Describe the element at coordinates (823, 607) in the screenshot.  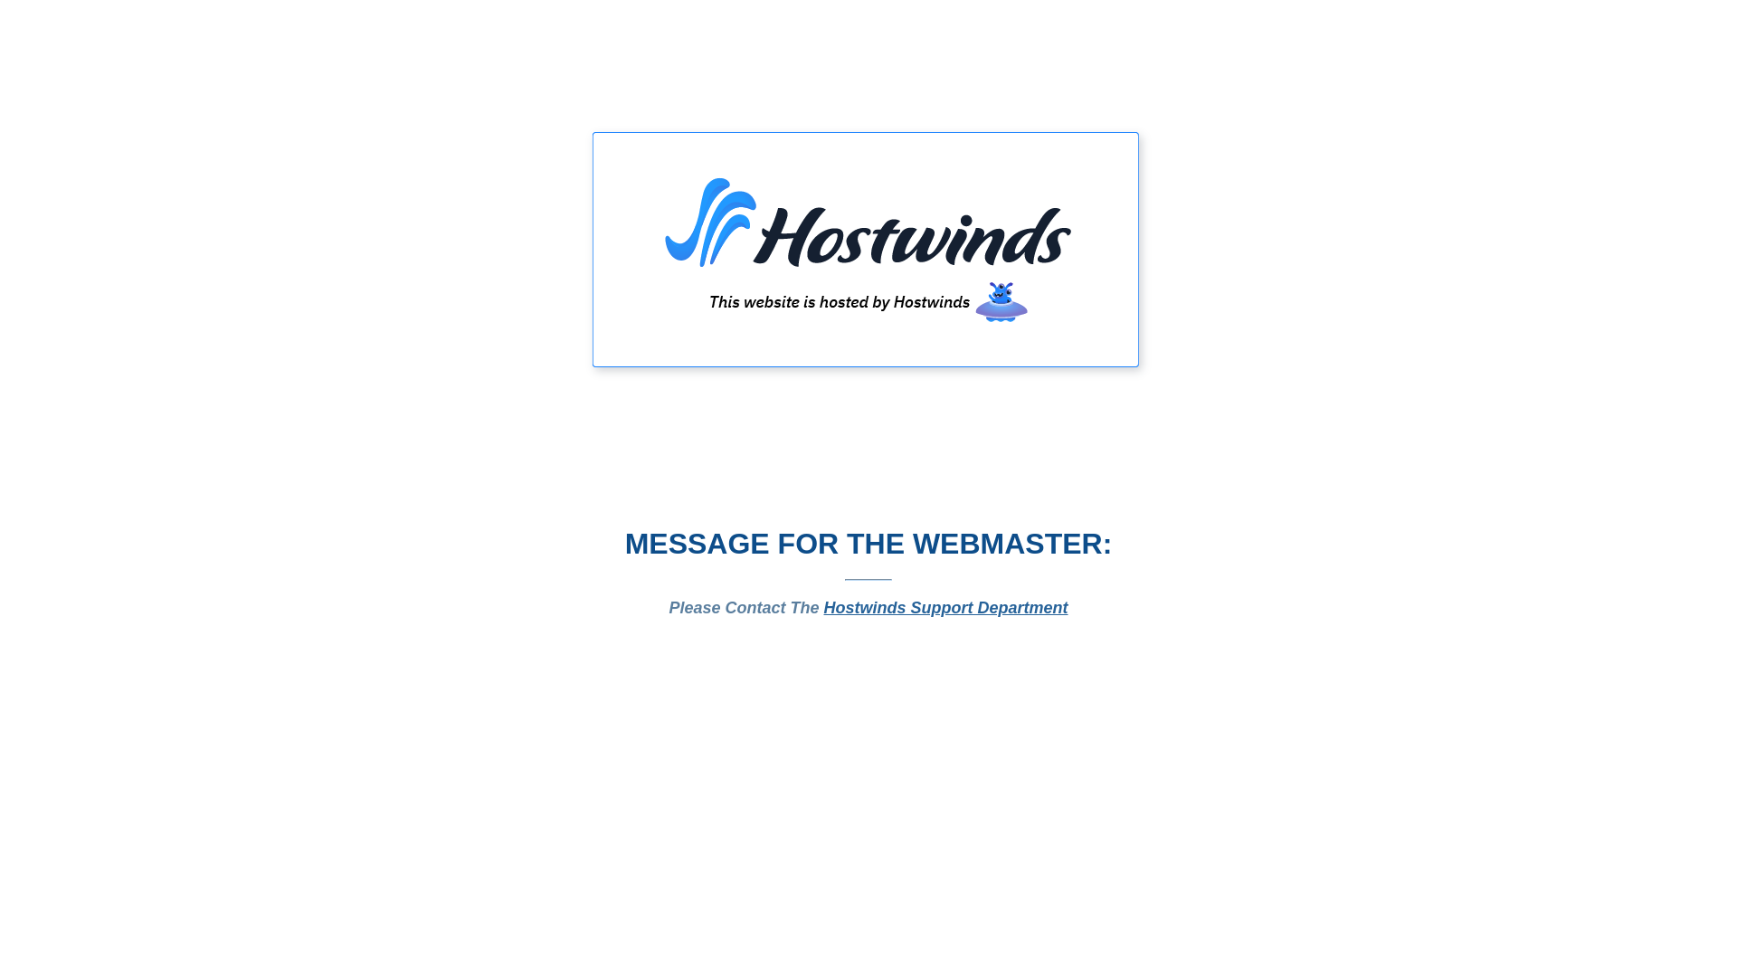
I see `'Hostwinds Support Department'` at that location.